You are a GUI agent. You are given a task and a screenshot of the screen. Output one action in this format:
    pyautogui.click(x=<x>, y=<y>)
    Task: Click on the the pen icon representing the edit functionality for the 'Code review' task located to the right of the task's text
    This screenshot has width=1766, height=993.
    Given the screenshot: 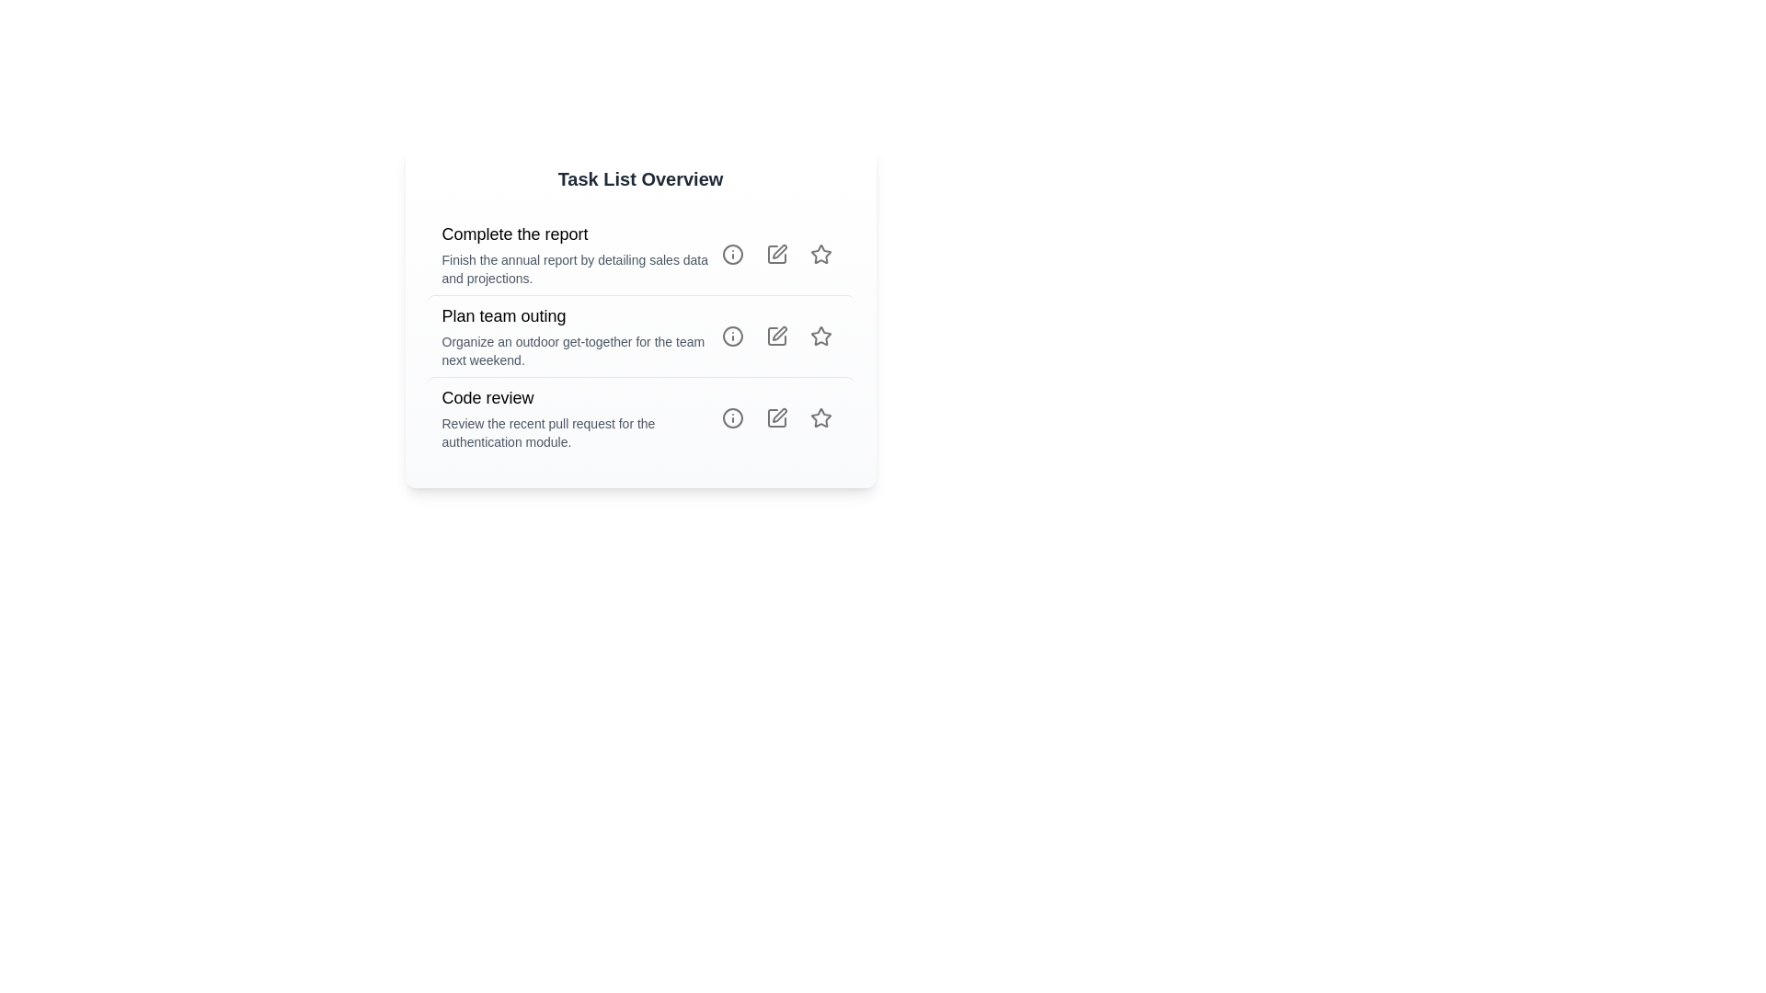 What is the action you would take?
    pyautogui.click(x=776, y=418)
    